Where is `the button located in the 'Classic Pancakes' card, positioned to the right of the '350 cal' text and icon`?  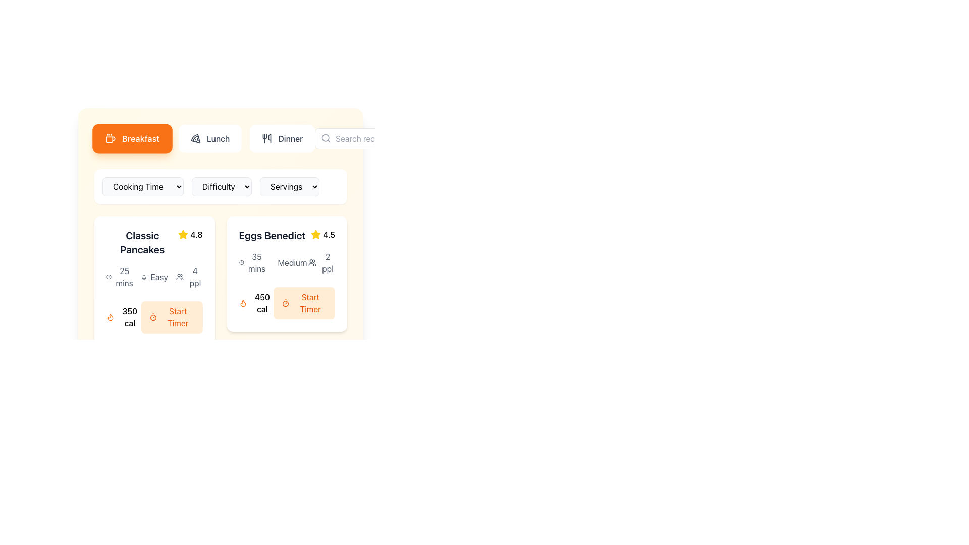
the button located in the 'Classic Pancakes' card, positioned to the right of the '350 cal' text and icon is located at coordinates (154, 316).